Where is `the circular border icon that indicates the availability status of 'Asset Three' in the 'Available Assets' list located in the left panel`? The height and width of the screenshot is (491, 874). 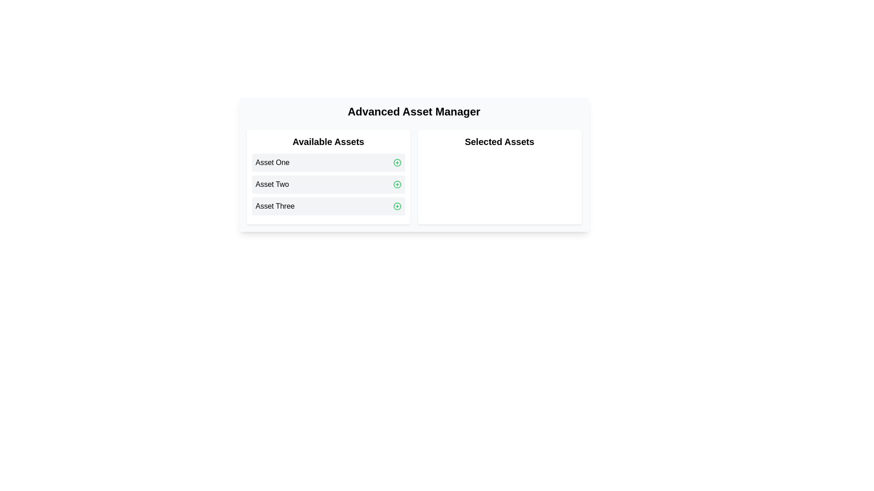
the circular border icon that indicates the availability status of 'Asset Three' in the 'Available Assets' list located in the left panel is located at coordinates (397, 206).